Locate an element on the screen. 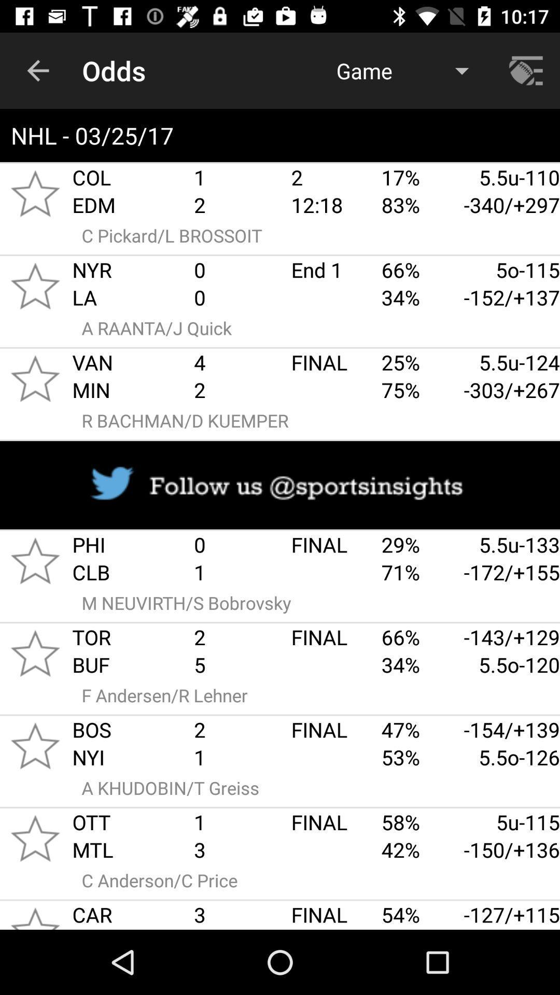  favorite is located at coordinates (35, 378).